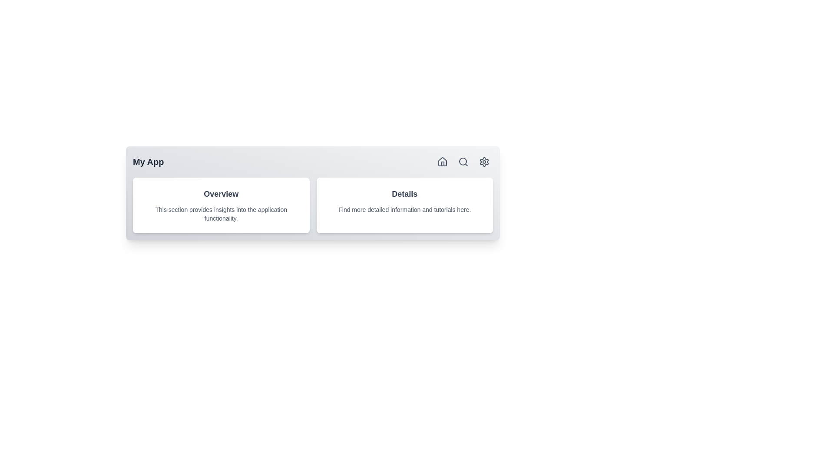 The width and height of the screenshot is (834, 469). What do you see at coordinates (462, 161) in the screenshot?
I see `the inner circle of the magnifying glass icon, which is part of the search icon located in the top right of the application interface` at bounding box center [462, 161].